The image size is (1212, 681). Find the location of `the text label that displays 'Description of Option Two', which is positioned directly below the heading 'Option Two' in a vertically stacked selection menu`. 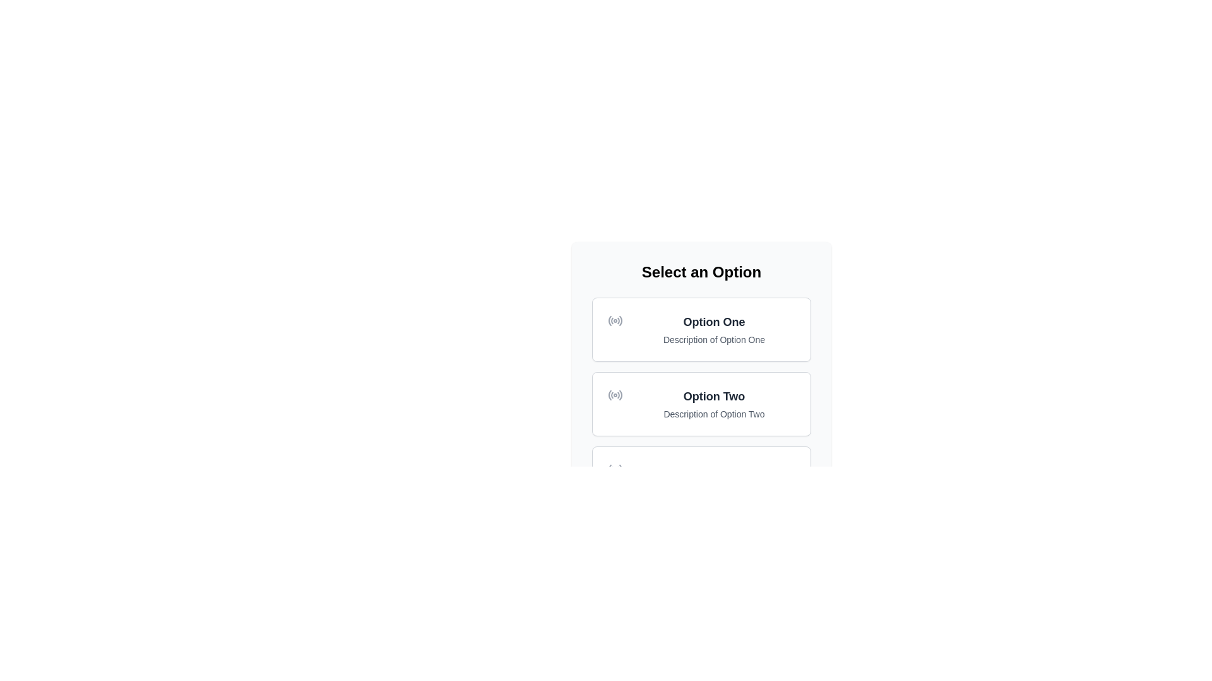

the text label that displays 'Description of Option Two', which is positioned directly below the heading 'Option Two' in a vertically stacked selection menu is located at coordinates (714, 414).